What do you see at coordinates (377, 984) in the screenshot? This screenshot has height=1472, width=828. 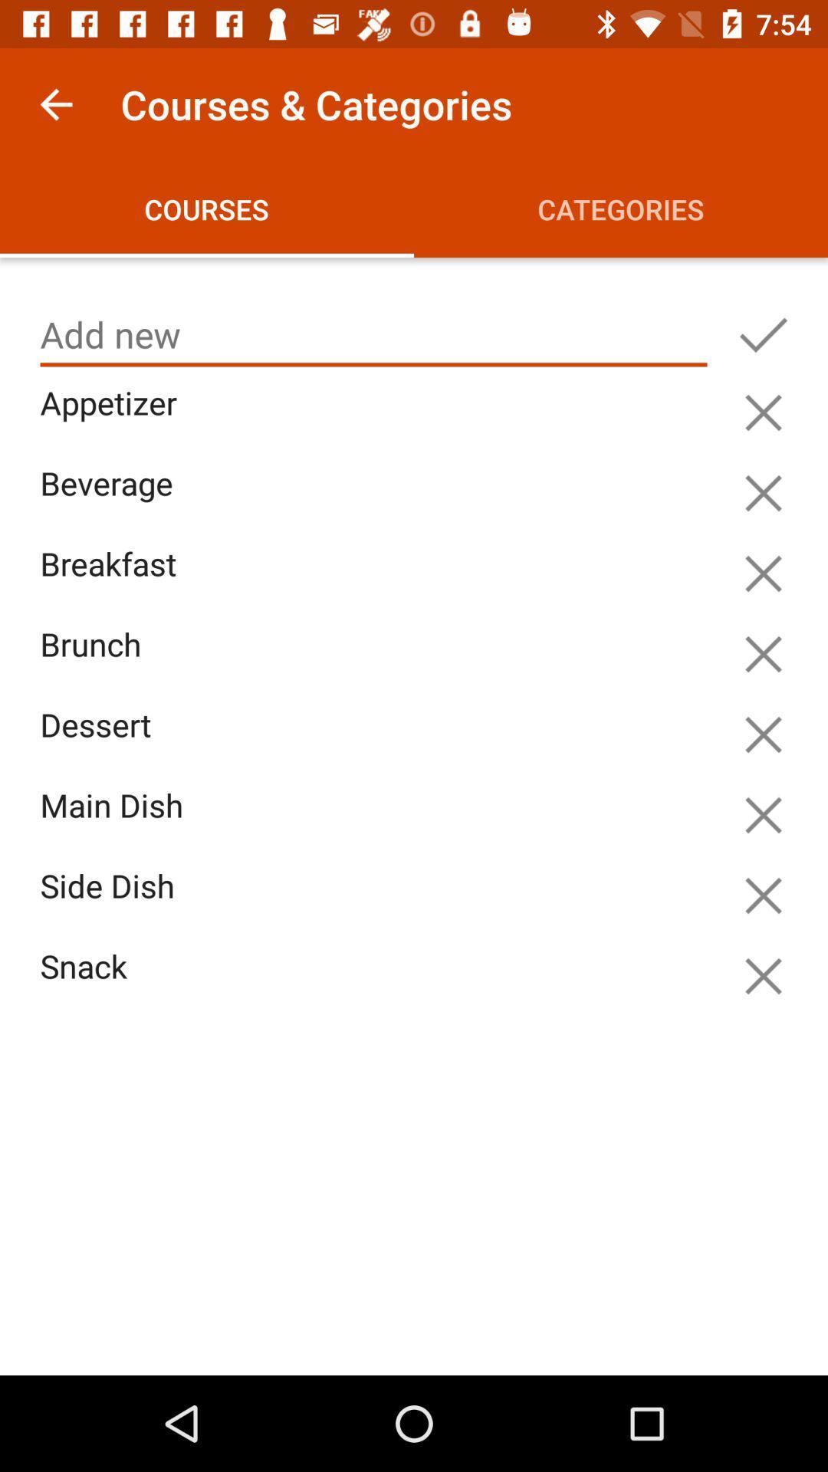 I see `the snack icon` at bounding box center [377, 984].